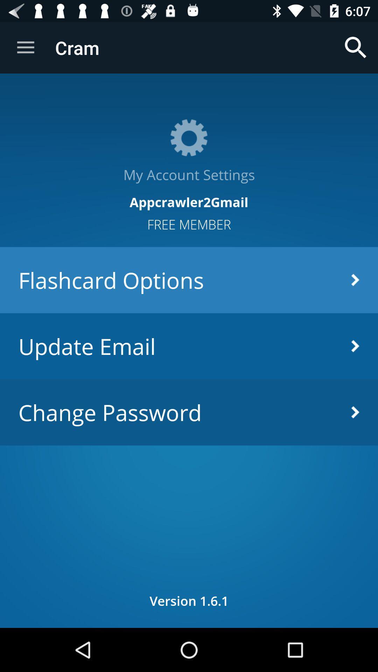 This screenshot has width=378, height=672. Describe the element at coordinates (189, 280) in the screenshot. I see `the flashcard options` at that location.